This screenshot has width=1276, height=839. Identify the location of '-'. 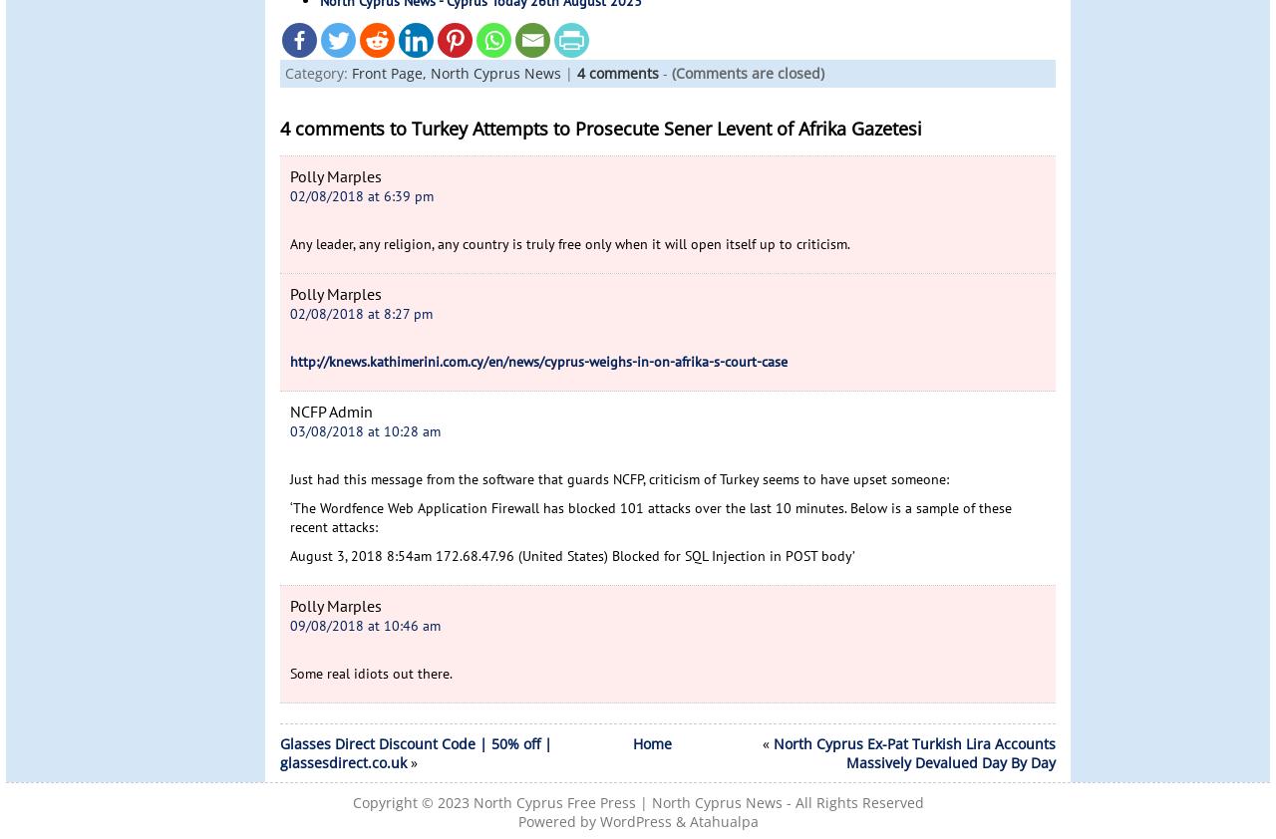
(665, 71).